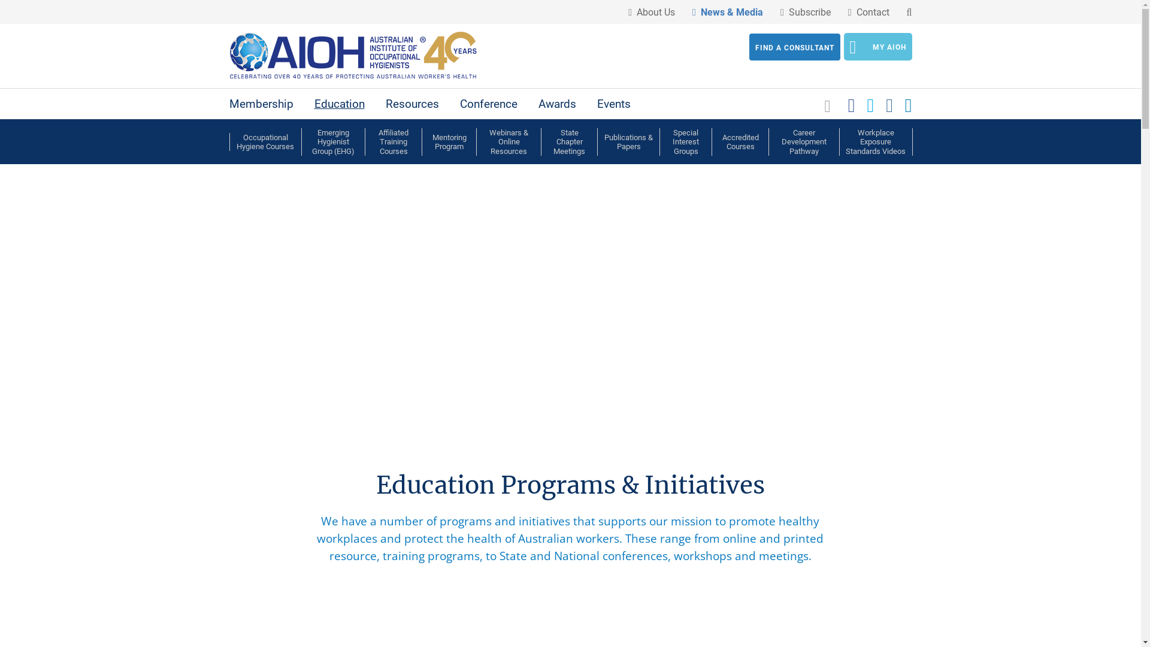  Describe the element at coordinates (805, 12) in the screenshot. I see `'  Subscribe'` at that location.